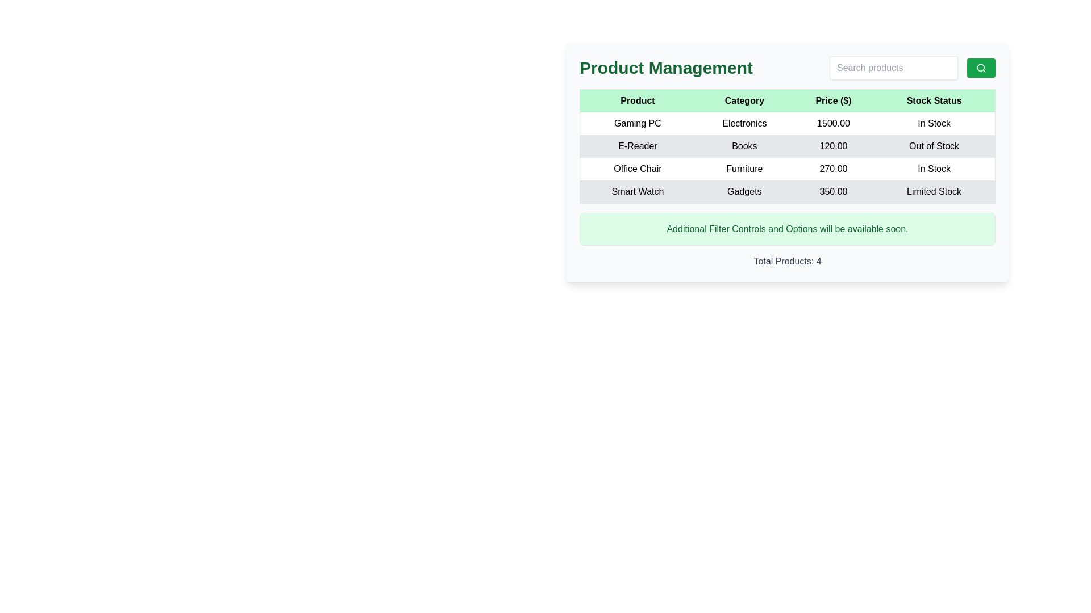 Image resolution: width=1091 pixels, height=613 pixels. What do you see at coordinates (981, 68) in the screenshot?
I see `the search icon located within the green rectangular button at the top-right corner of the card` at bounding box center [981, 68].